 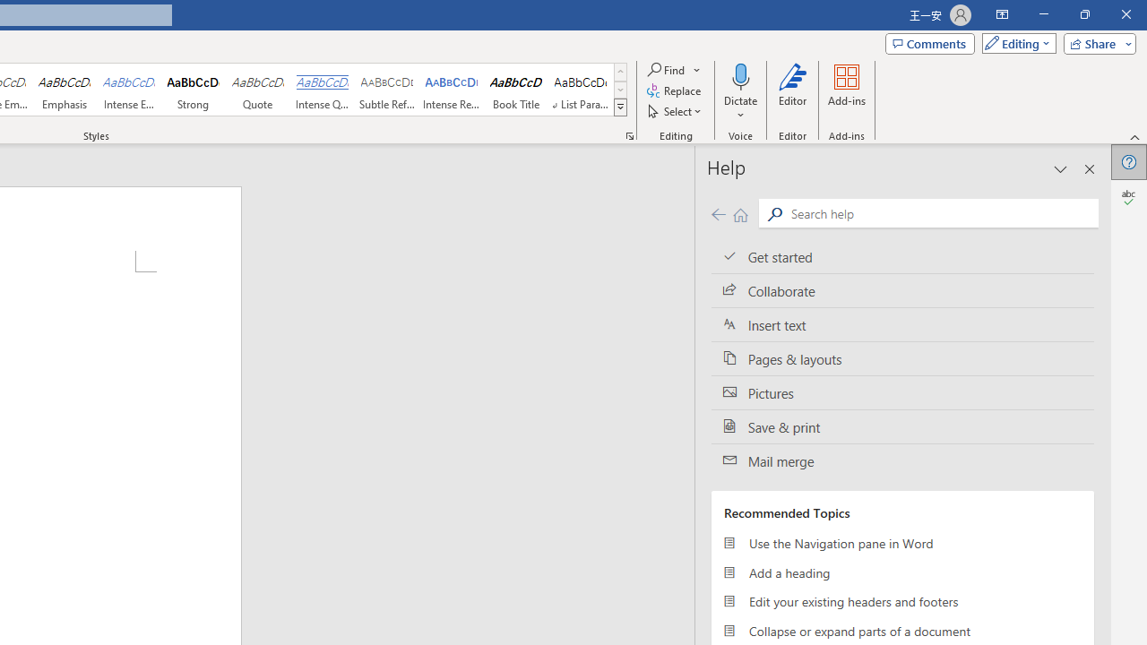 What do you see at coordinates (194, 90) in the screenshot?
I see `'Strong'` at bounding box center [194, 90].